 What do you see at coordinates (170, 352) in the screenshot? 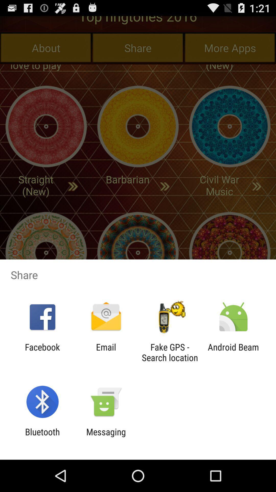
I see `fake gps search item` at bounding box center [170, 352].